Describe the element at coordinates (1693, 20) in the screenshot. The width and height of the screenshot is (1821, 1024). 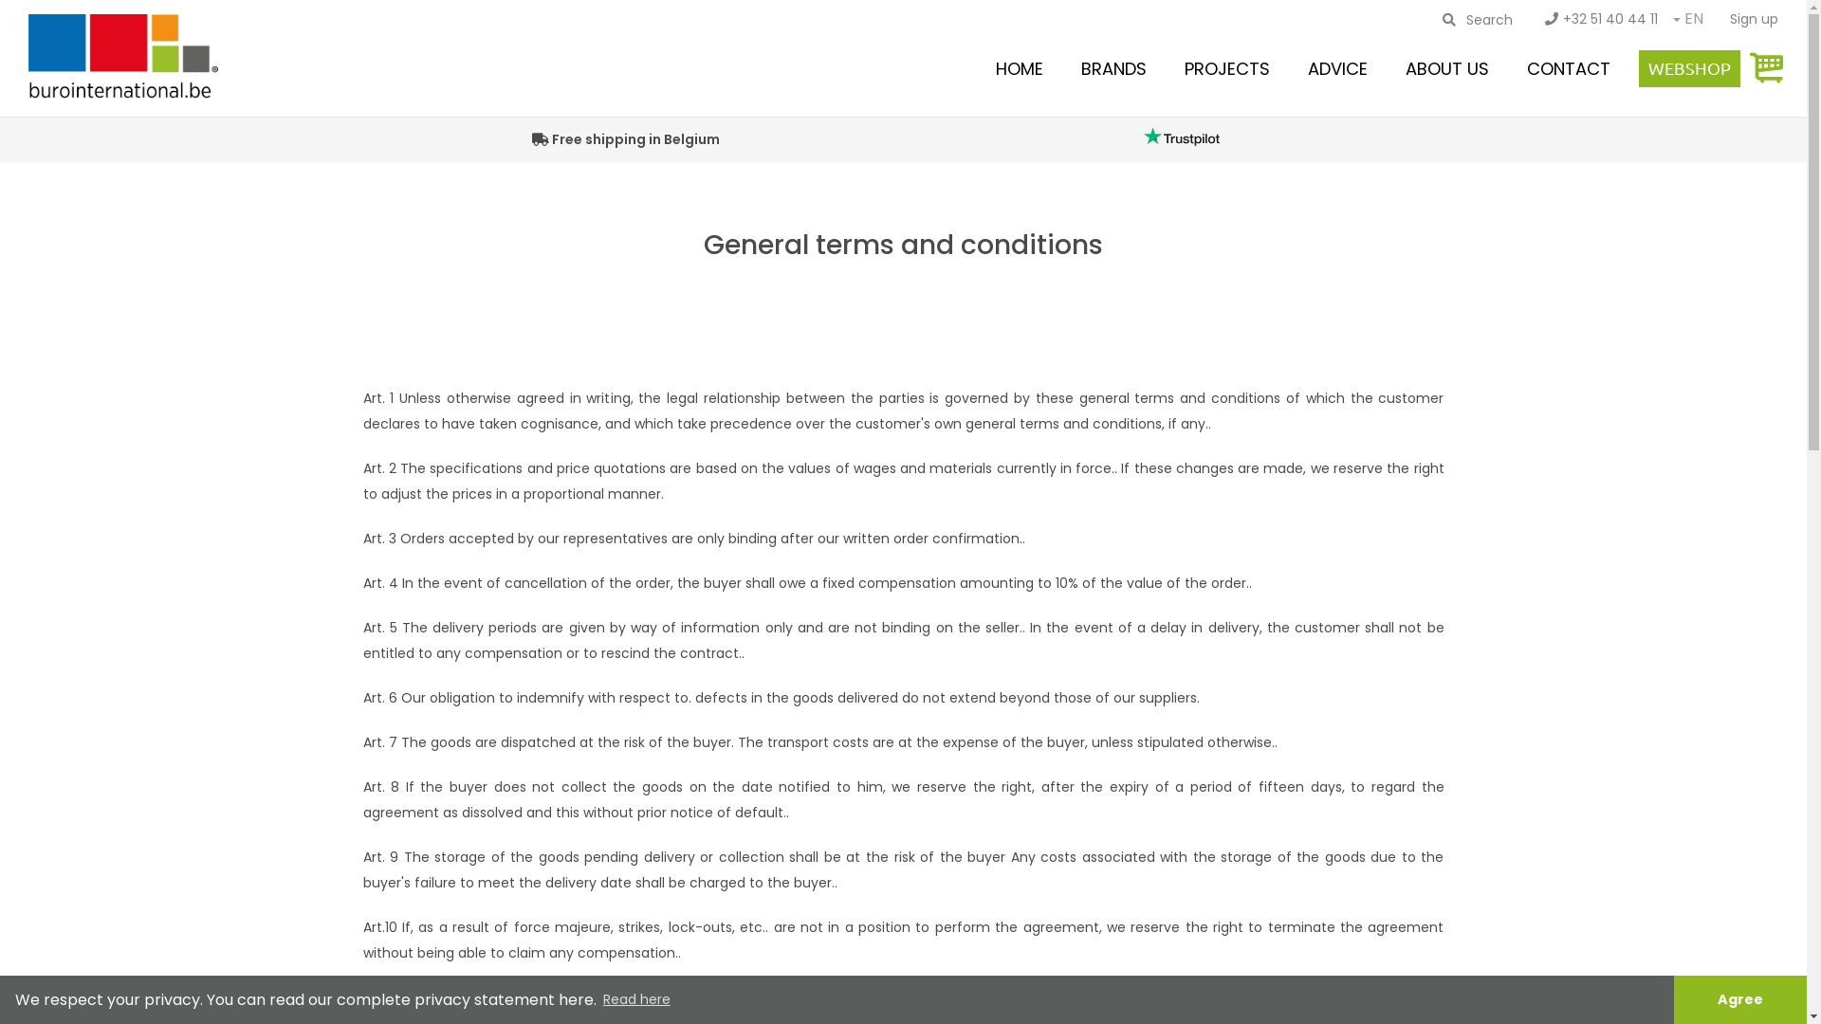
I see `'EN'` at that location.